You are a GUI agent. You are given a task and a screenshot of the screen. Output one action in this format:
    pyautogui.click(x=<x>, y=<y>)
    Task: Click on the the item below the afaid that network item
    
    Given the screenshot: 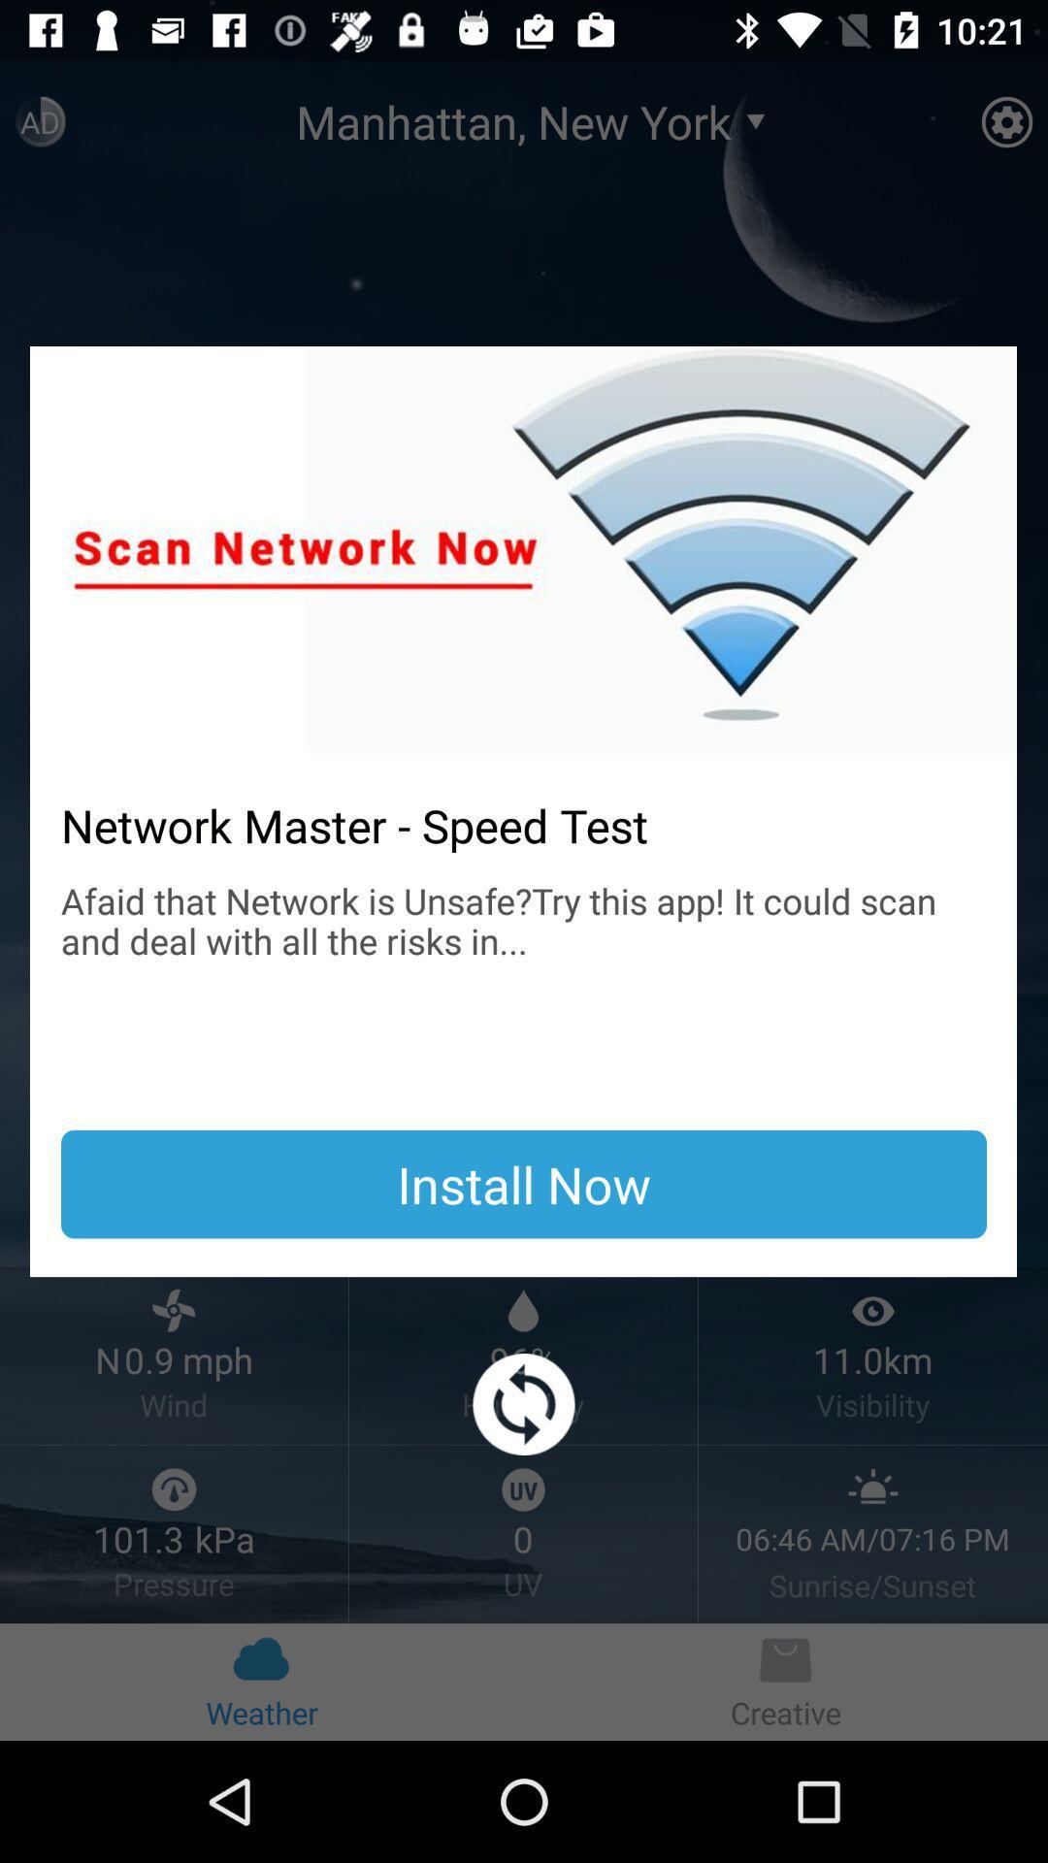 What is the action you would take?
    pyautogui.click(x=524, y=1183)
    